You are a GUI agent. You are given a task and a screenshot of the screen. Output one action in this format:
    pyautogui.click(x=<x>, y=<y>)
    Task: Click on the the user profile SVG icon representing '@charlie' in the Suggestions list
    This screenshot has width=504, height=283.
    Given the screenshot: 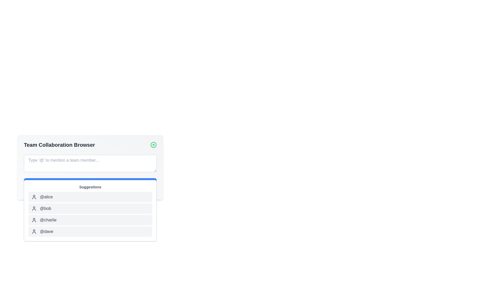 What is the action you would take?
    pyautogui.click(x=34, y=220)
    